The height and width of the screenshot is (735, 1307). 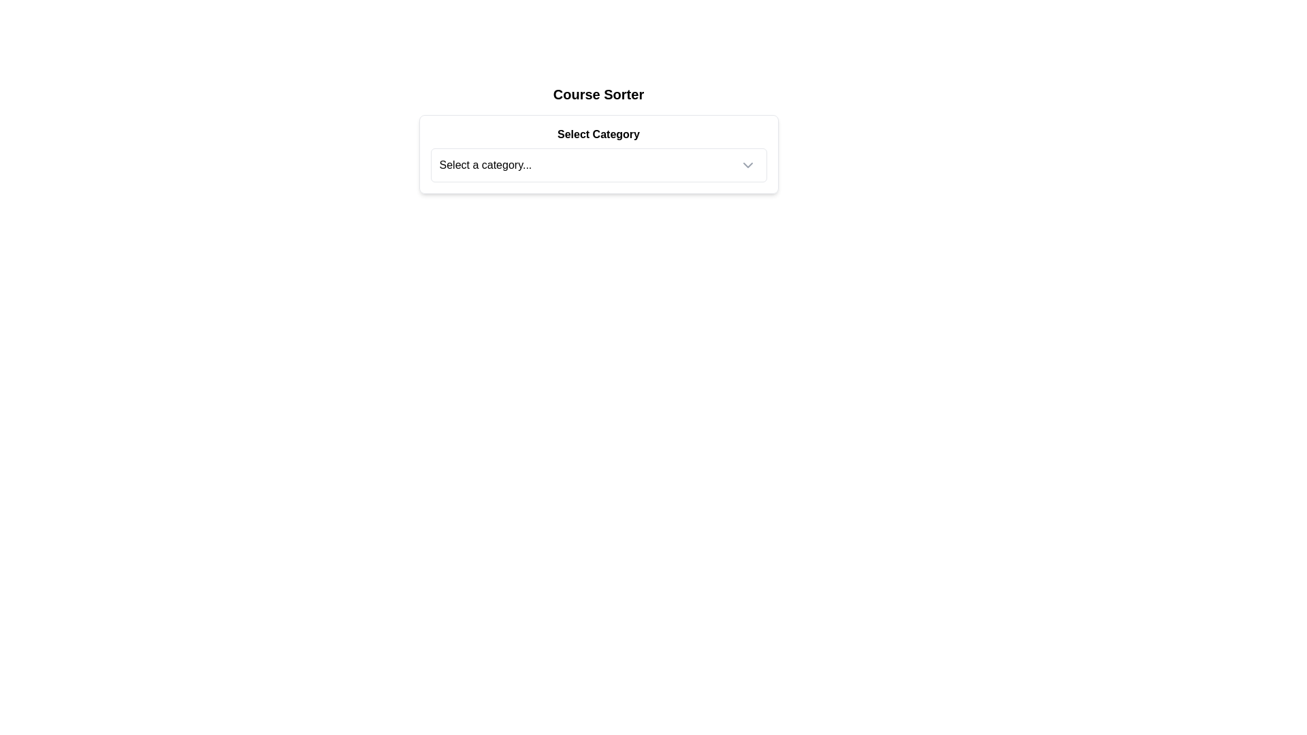 I want to click on an option from the dropdown menu located below the title 'Select Category' in a bordered and shadowed panel, so click(x=598, y=165).